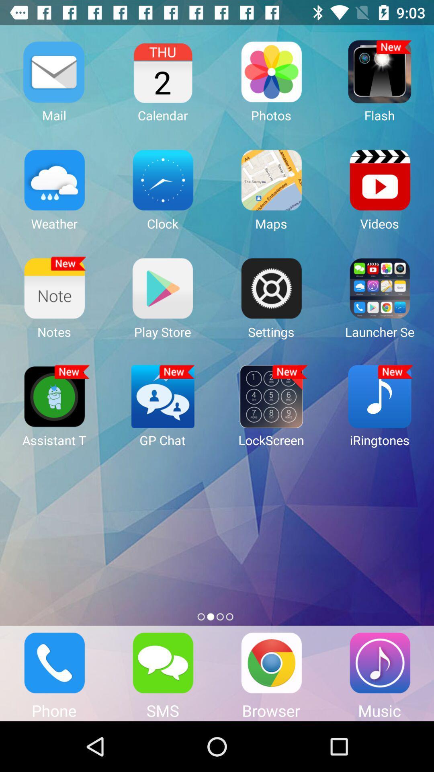 Image resolution: width=434 pixels, height=772 pixels. What do you see at coordinates (271, 288) in the screenshot?
I see `settings` at bounding box center [271, 288].